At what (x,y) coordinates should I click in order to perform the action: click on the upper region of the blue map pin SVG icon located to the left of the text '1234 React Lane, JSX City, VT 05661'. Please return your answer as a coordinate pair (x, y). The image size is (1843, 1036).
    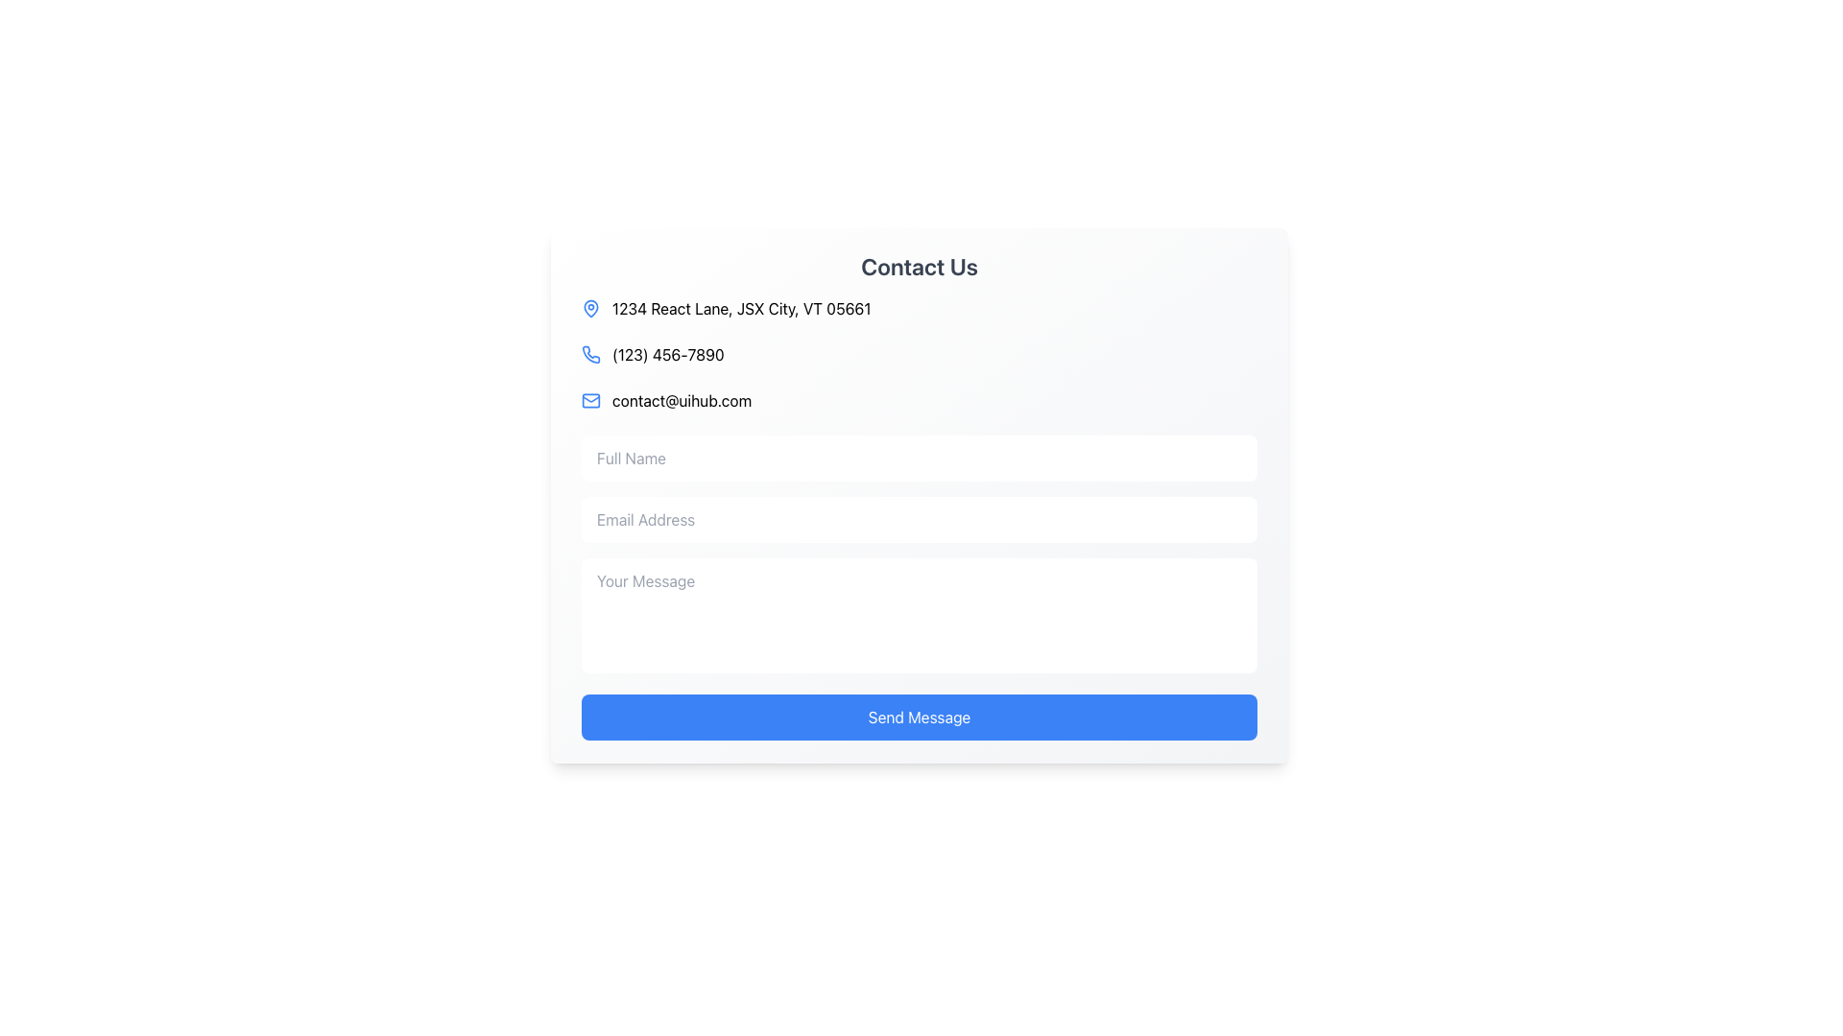
    Looking at the image, I should click on (589, 306).